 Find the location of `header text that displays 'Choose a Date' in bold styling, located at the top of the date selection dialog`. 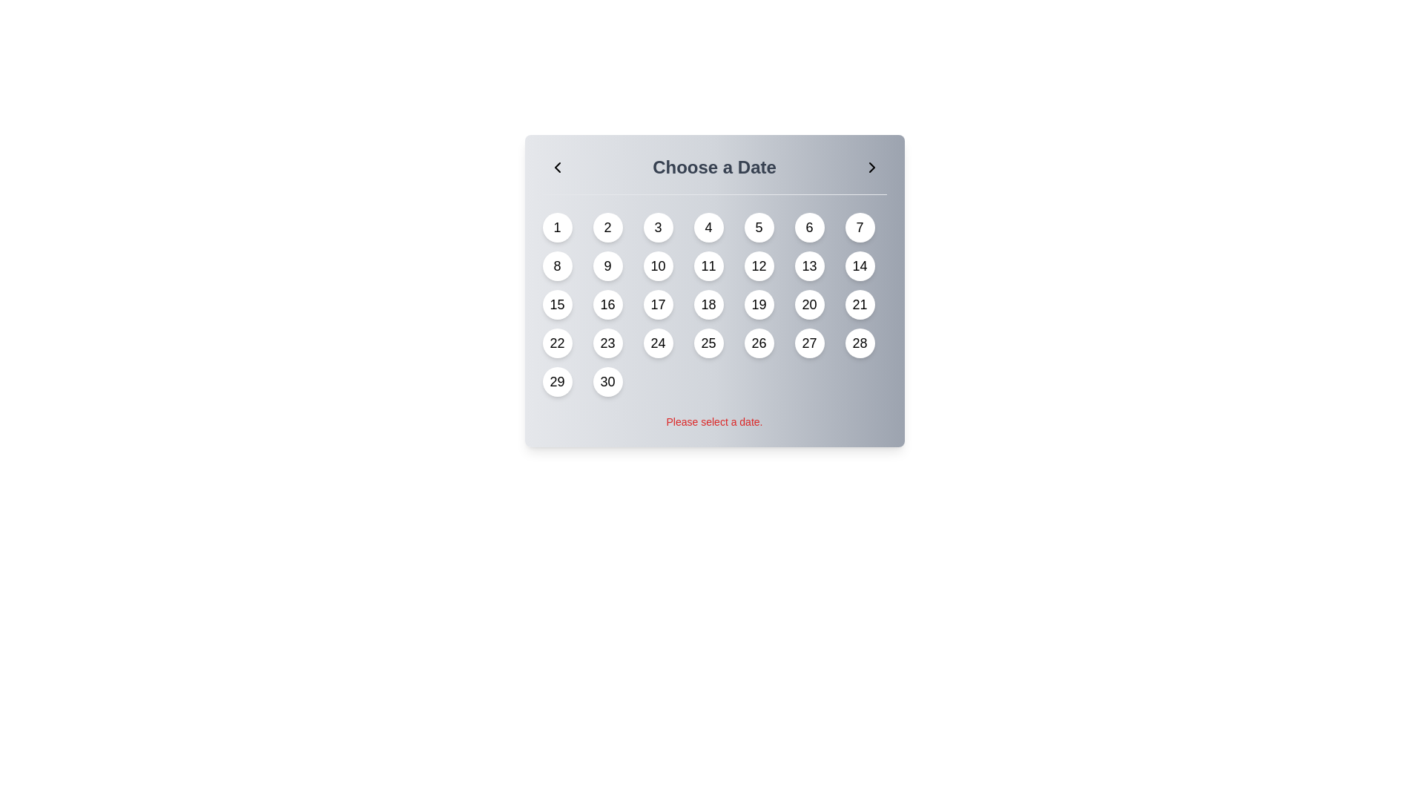

header text that displays 'Choose a Date' in bold styling, located at the top of the date selection dialog is located at coordinates (714, 173).